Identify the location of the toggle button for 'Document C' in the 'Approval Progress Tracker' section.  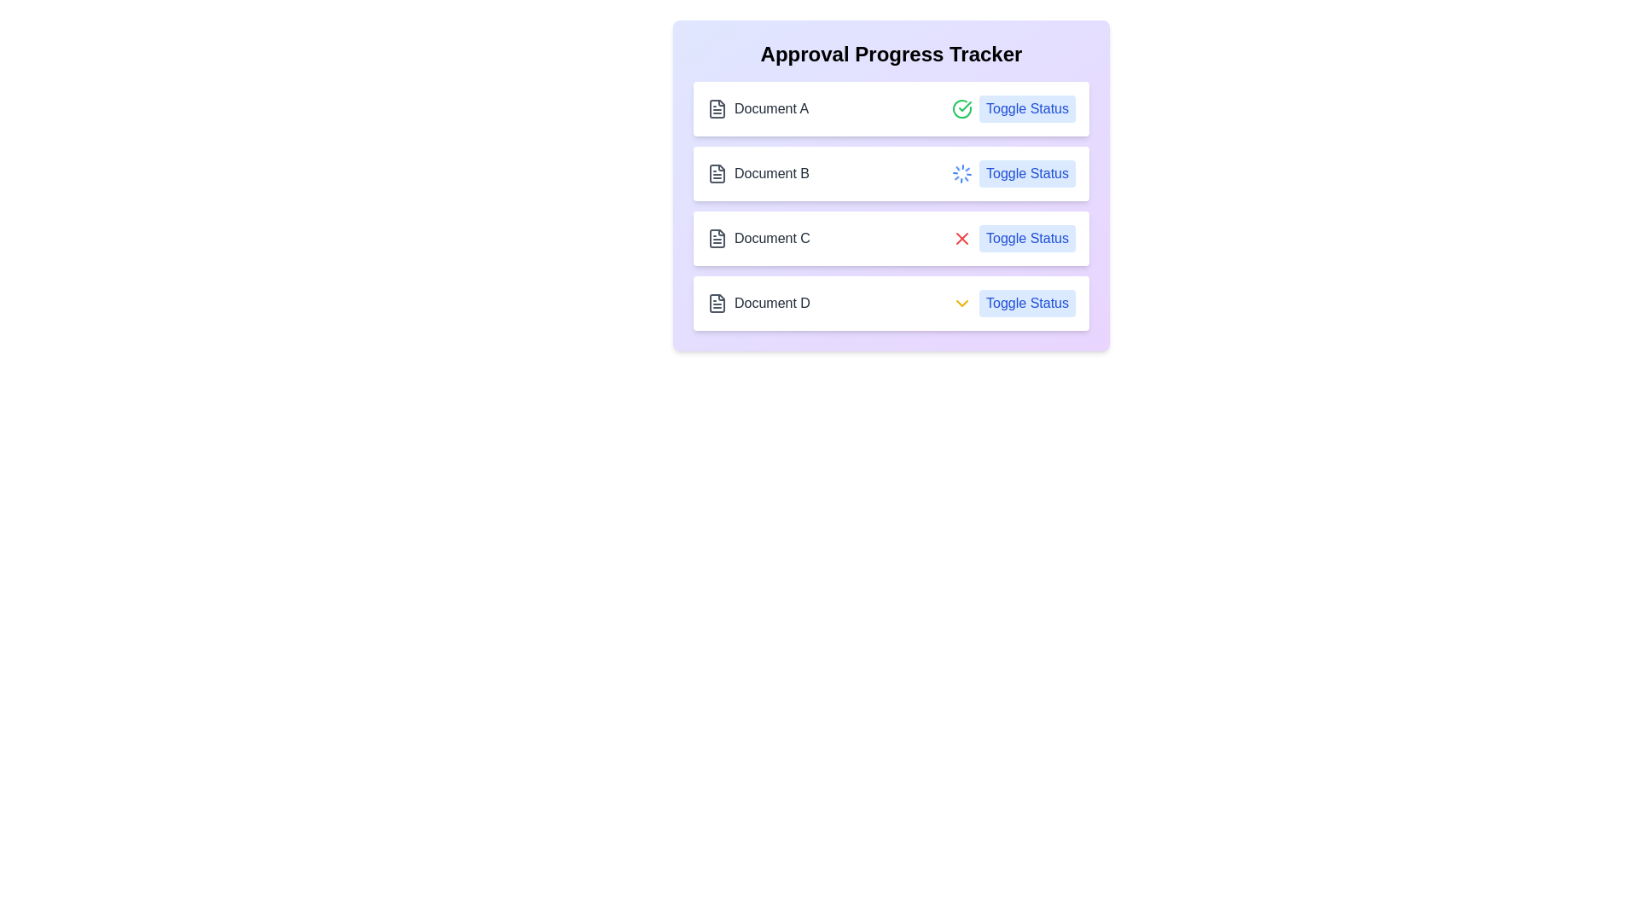
(1014, 239).